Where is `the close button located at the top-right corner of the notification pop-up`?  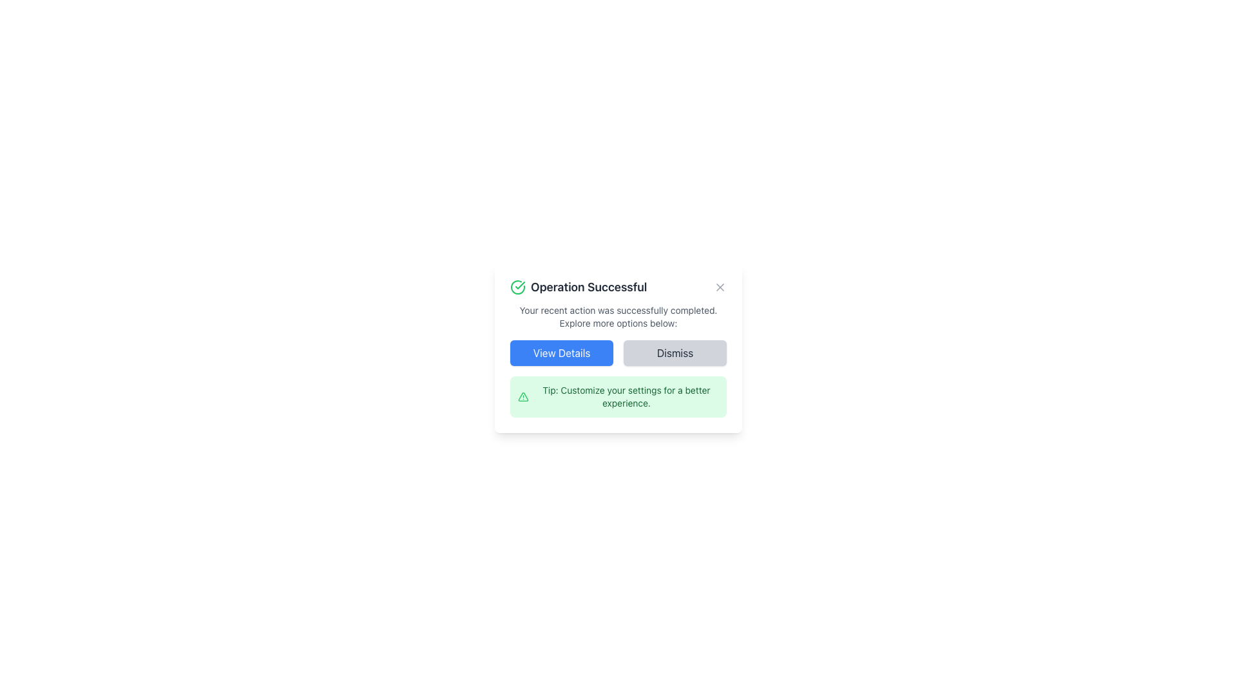
the close button located at the top-right corner of the notification pop-up is located at coordinates (720, 287).